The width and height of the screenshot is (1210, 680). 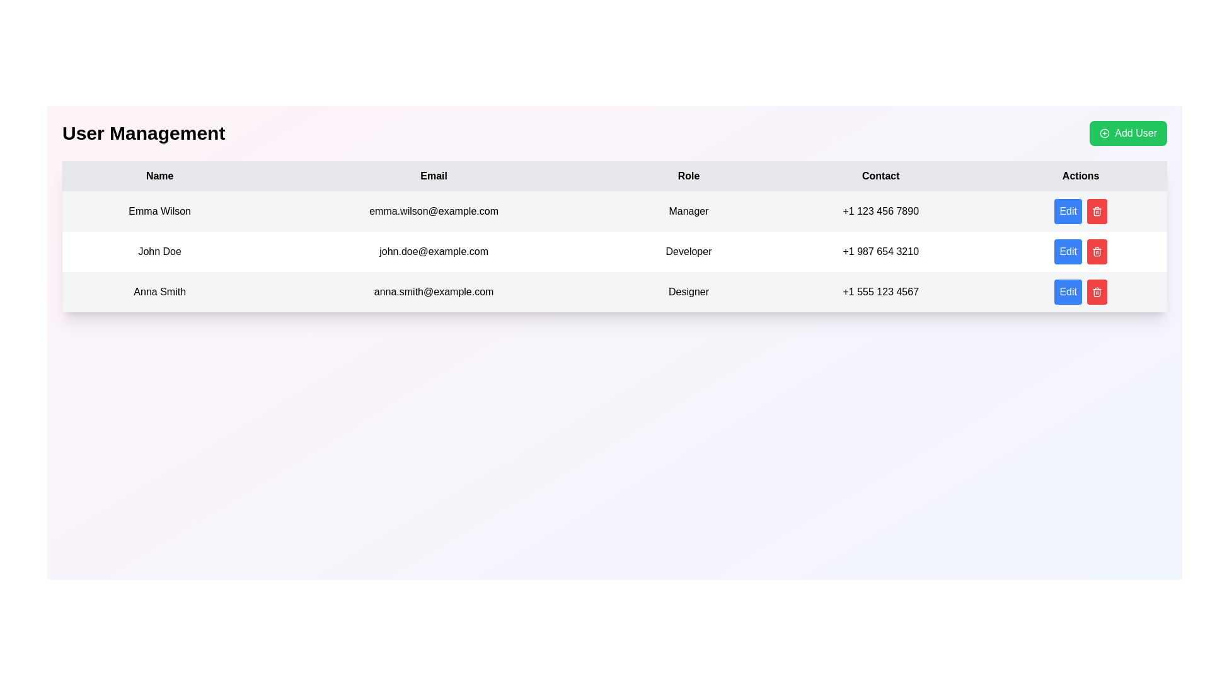 I want to click on the edit button located in the 'Actions' column of the second row of the table, so click(x=1068, y=252).